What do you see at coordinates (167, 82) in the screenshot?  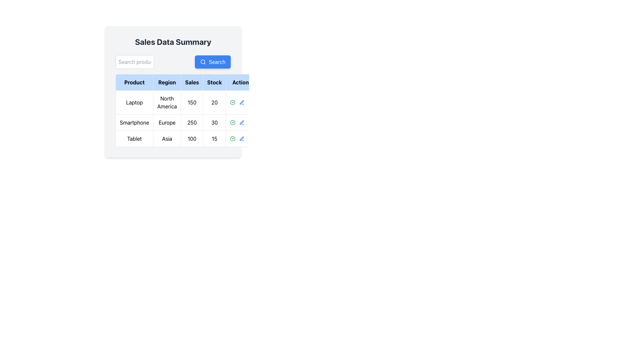 I see `the table header cell labeled 'Region' which is the second column header in the table with a light blue background and bold black text` at bounding box center [167, 82].